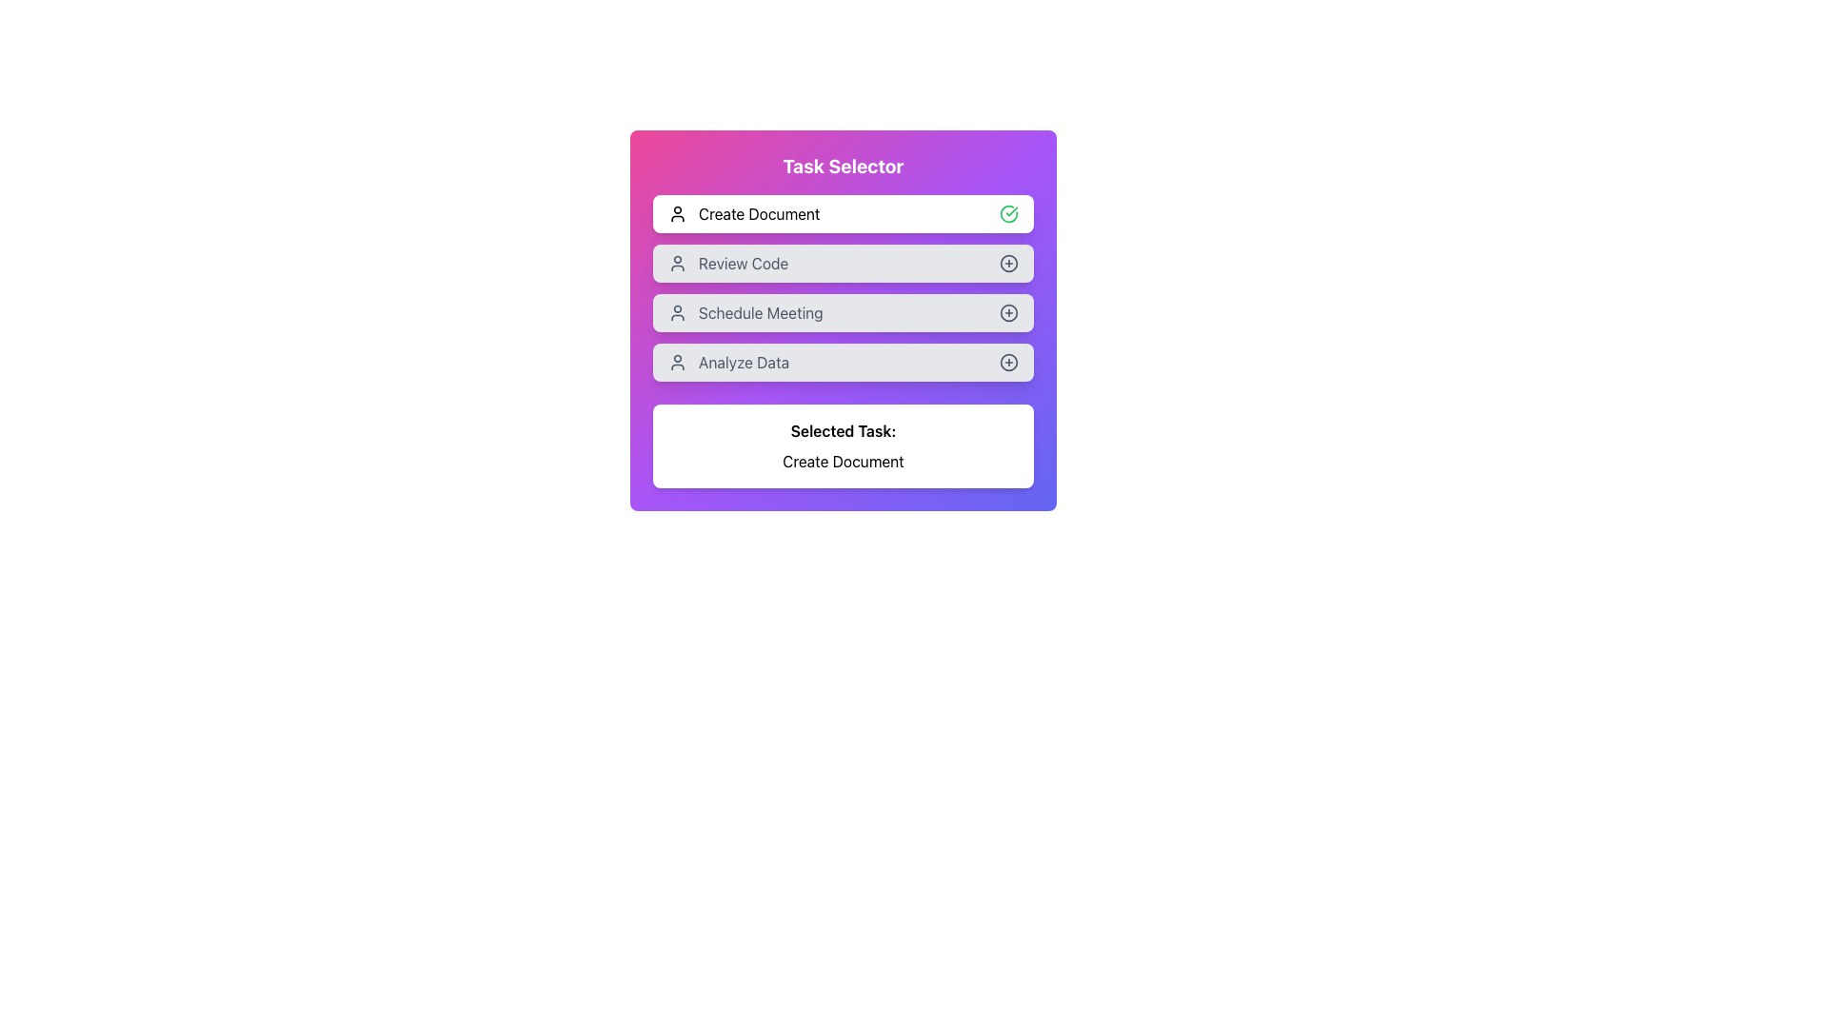  I want to click on the circular plus icon located to the right of the 'Review Code' text in the task selection interface, so click(1008, 264).